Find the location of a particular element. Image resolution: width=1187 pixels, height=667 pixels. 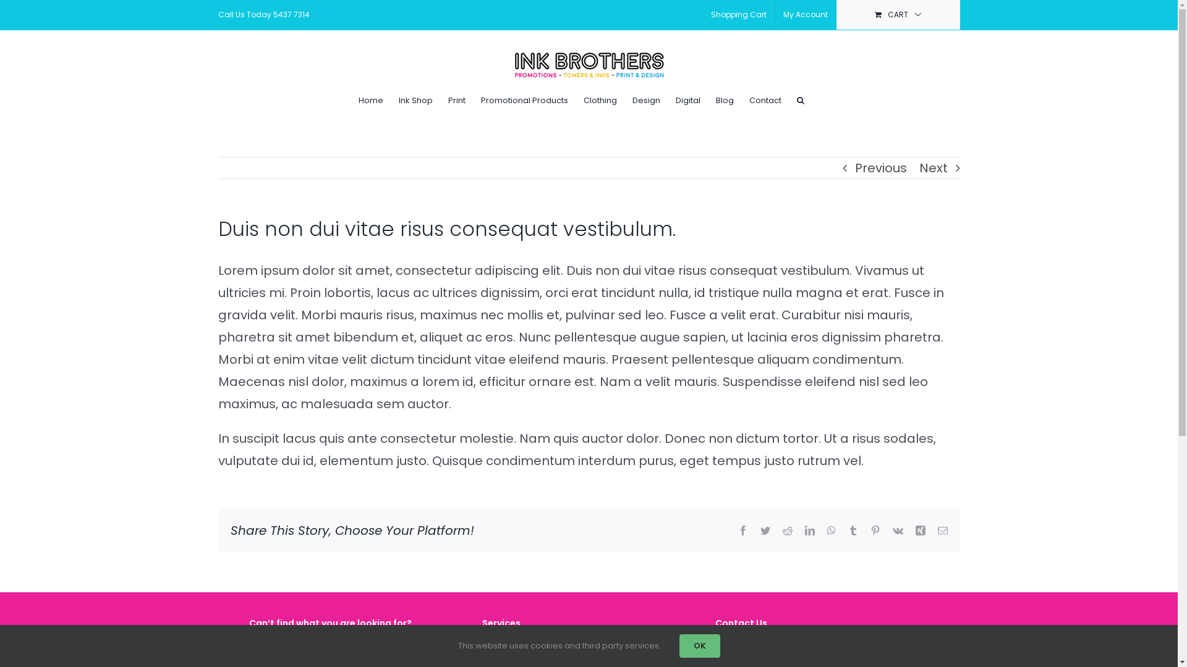

'Reddit' is located at coordinates (786, 530).